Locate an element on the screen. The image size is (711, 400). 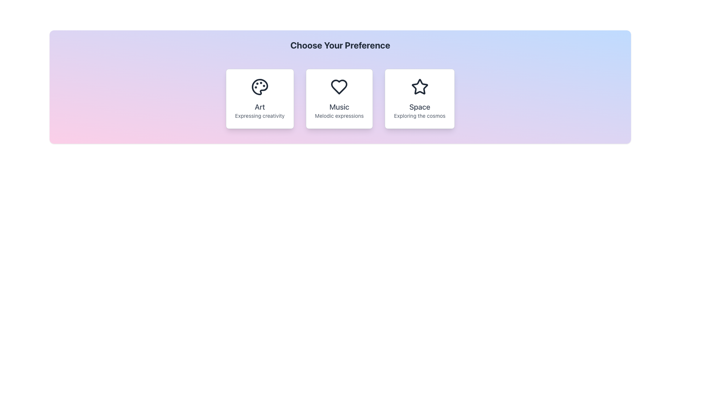
the 'Art' Option Card, which is the first card in a horizontal list of options including 'Music' and 'Space' is located at coordinates (260, 98).